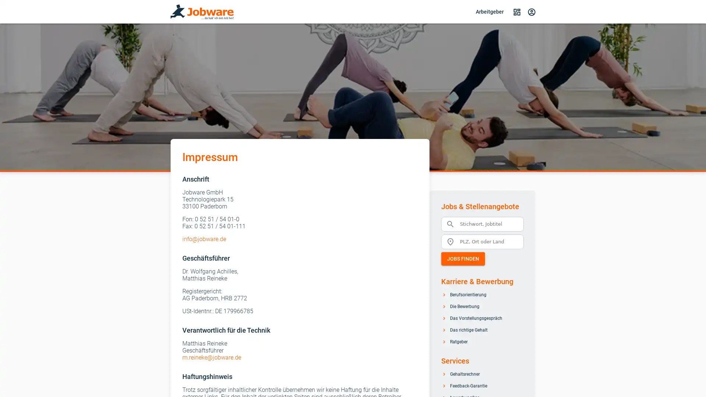 Image resolution: width=706 pixels, height=397 pixels. What do you see at coordinates (463, 258) in the screenshot?
I see `JOBS FINDEN` at bounding box center [463, 258].